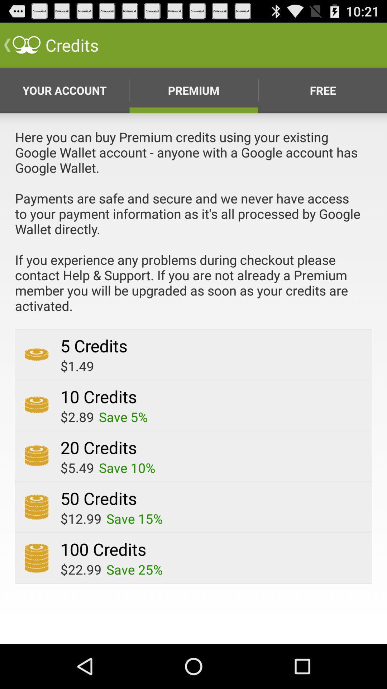  What do you see at coordinates (77, 417) in the screenshot?
I see `the app below the 10 credits icon` at bounding box center [77, 417].